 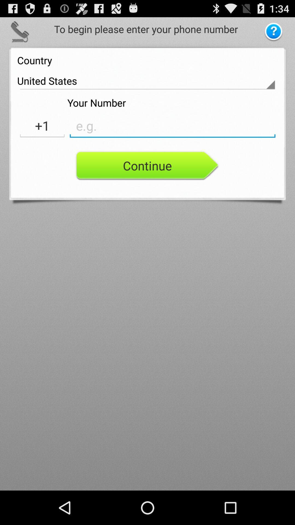 What do you see at coordinates (273, 32) in the screenshot?
I see `question button` at bounding box center [273, 32].